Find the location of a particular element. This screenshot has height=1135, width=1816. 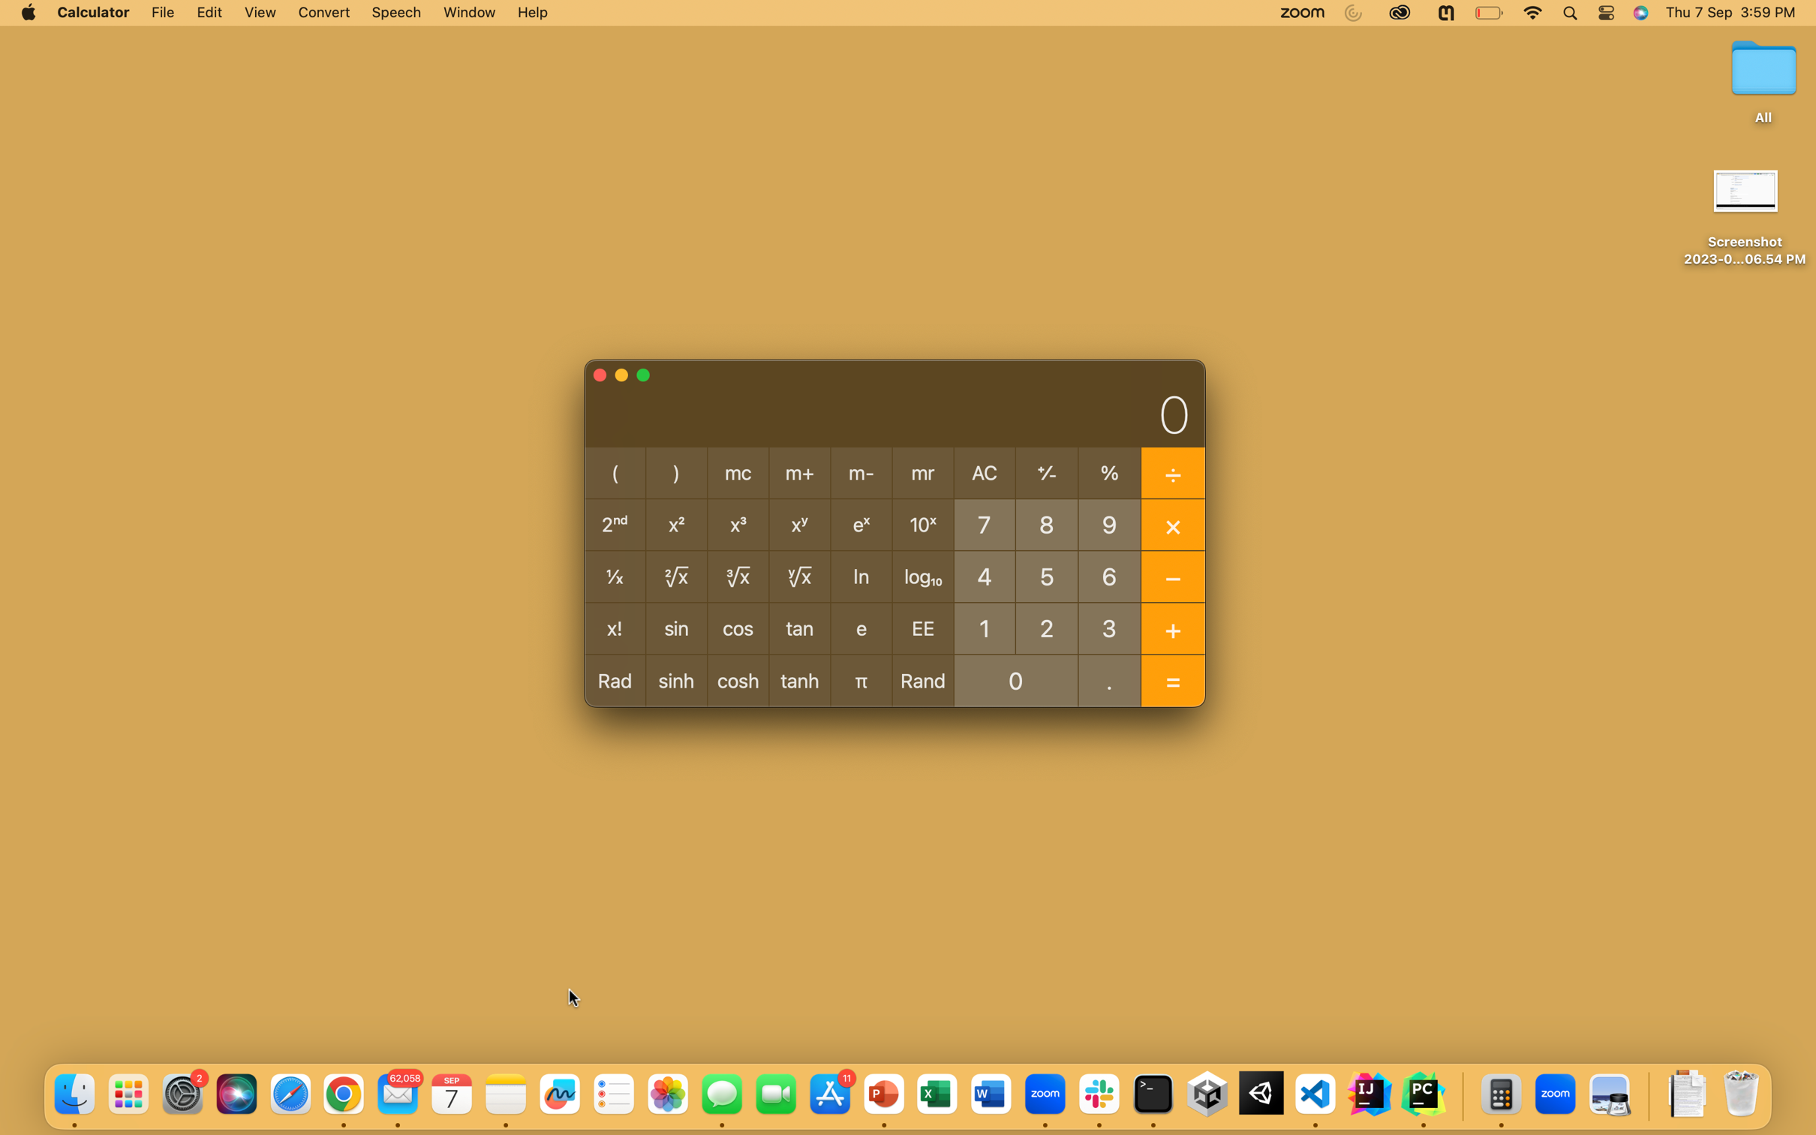

Calculate the 8th power of 2 is located at coordinates (1046, 626).